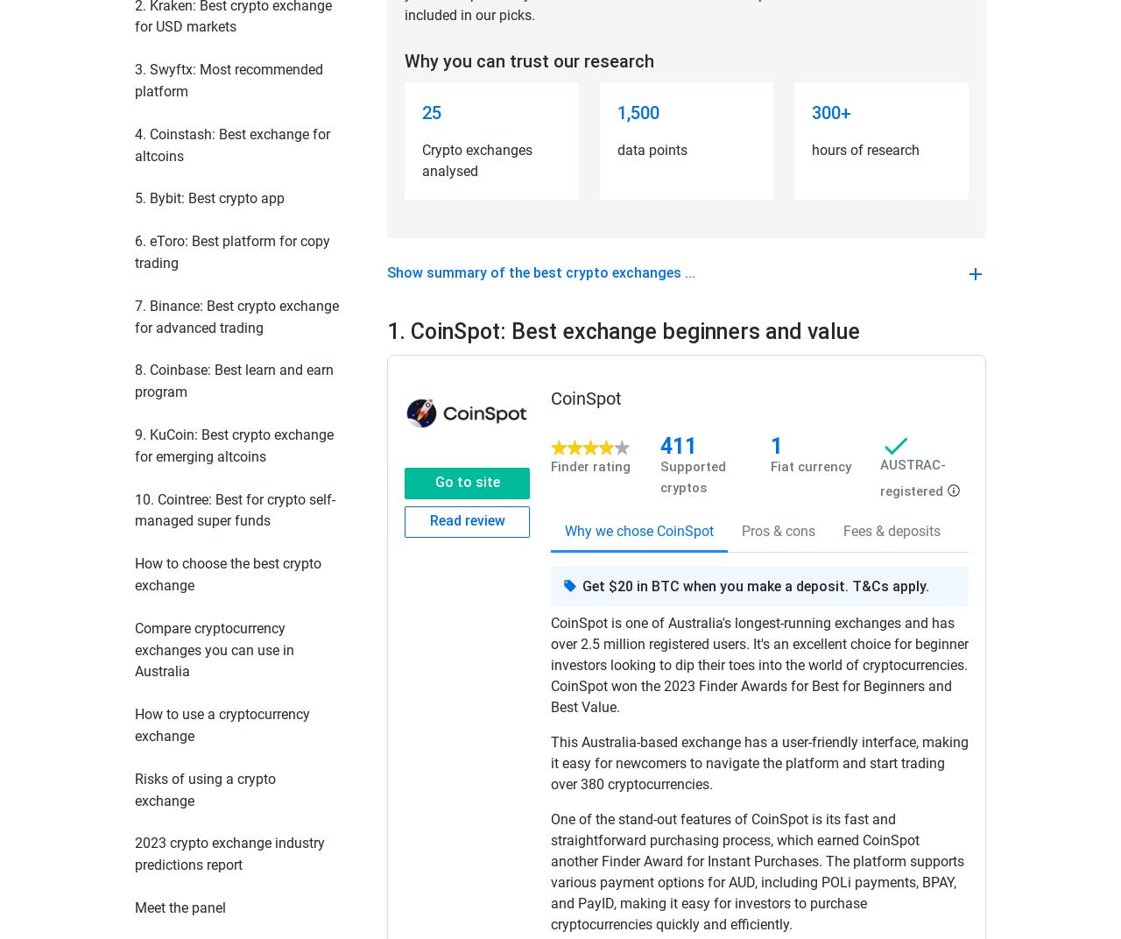 The height and width of the screenshot is (939, 1121). I want to click on 'CoinSpot is one of Australia's longest-running exchanges and has over 2.5 million registered users. It's an excellent choice for beginner investors looking to dip their toes into the world of cryptocurrencies. CoinSpot won the 2023 Finder Awards for Best for Beginners and Best Value.', so click(549, 665).